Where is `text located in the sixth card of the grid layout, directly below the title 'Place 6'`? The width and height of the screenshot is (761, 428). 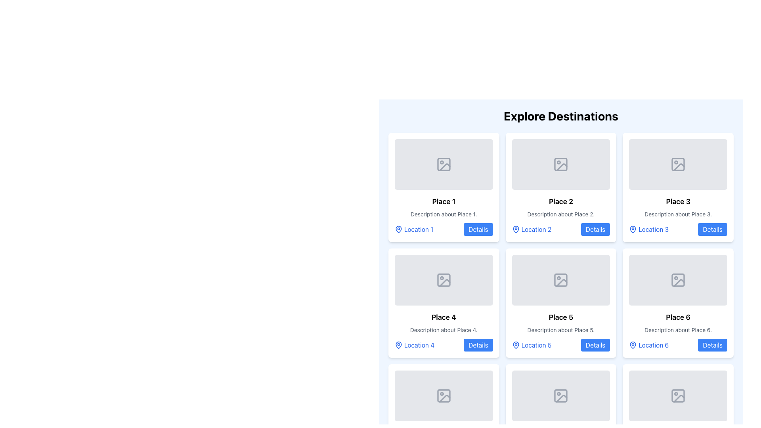 text located in the sixth card of the grid layout, directly below the title 'Place 6' is located at coordinates (678, 330).